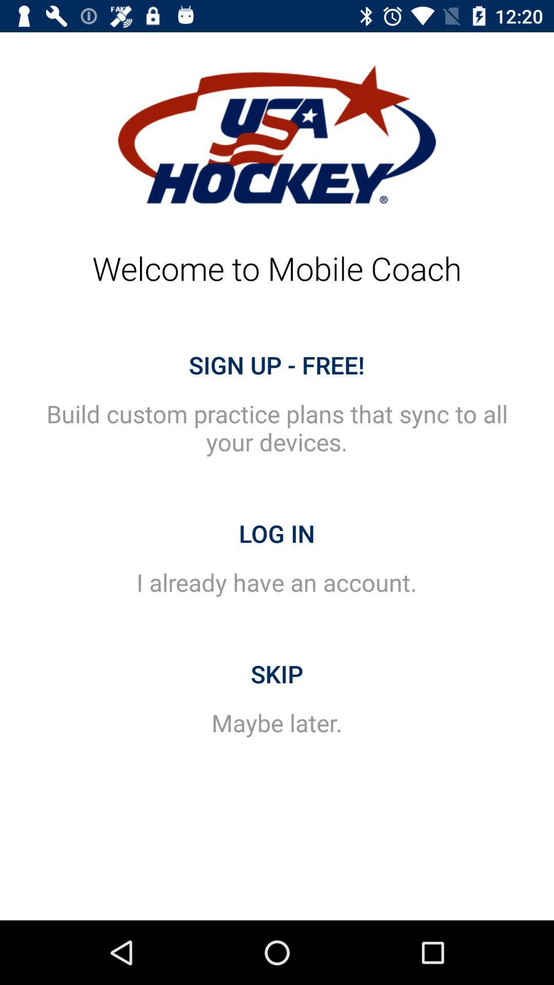 This screenshot has width=554, height=985. Describe the element at coordinates (277, 674) in the screenshot. I see `item below the i already have` at that location.